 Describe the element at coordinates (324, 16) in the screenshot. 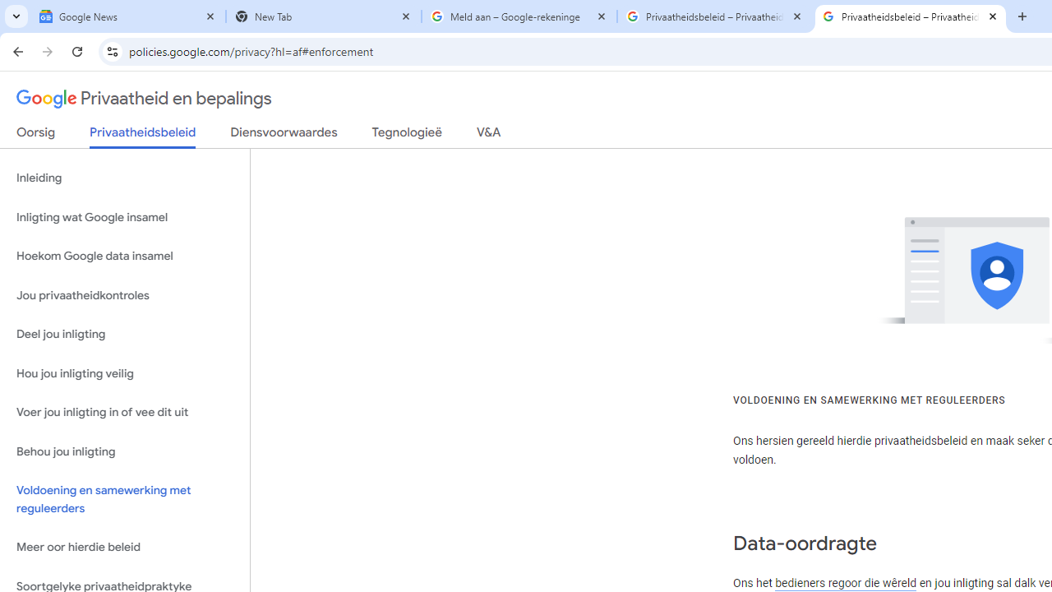

I see `'New Tab'` at that location.